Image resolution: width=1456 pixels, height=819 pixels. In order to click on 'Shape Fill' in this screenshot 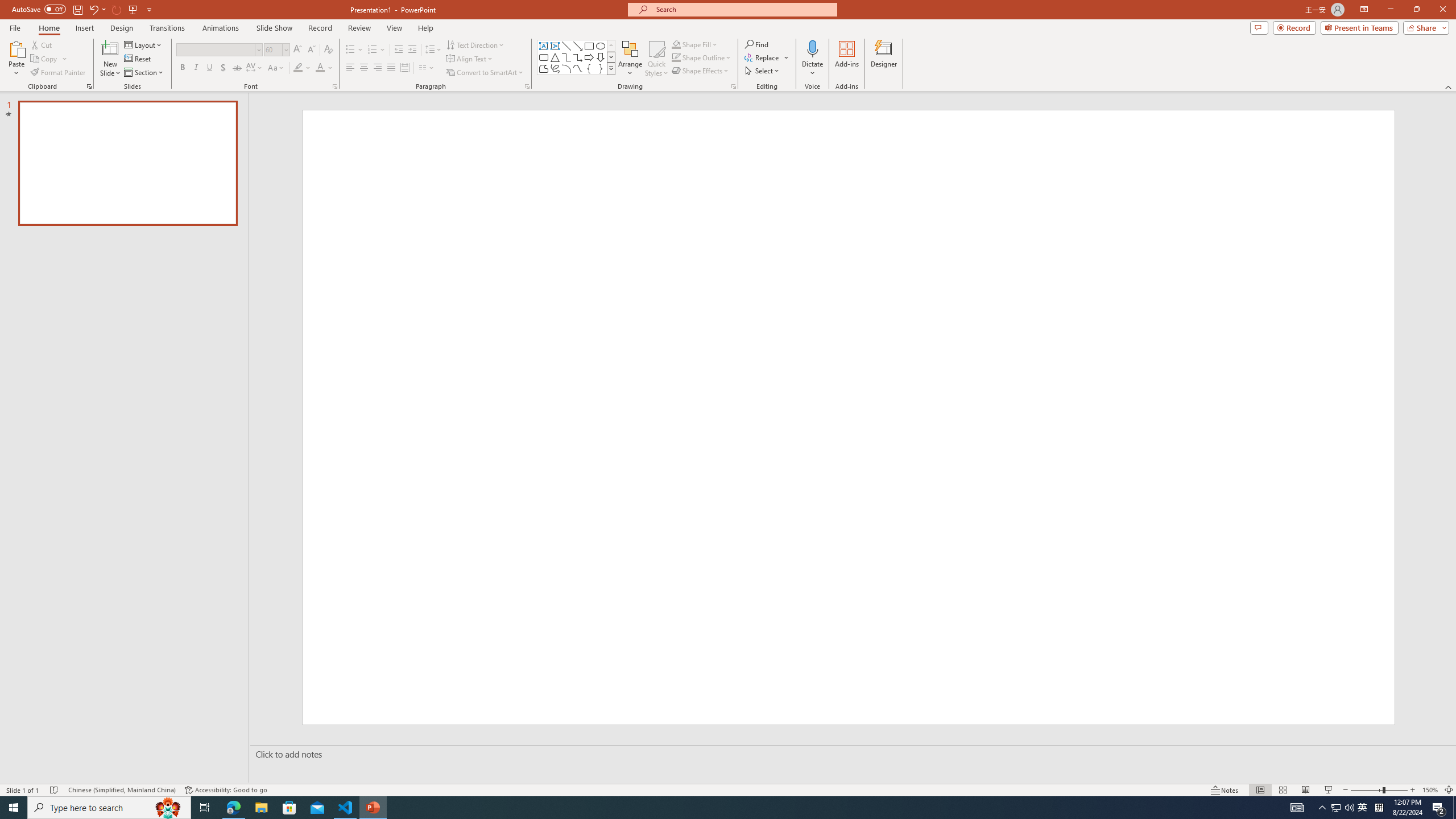, I will do `click(695, 44)`.